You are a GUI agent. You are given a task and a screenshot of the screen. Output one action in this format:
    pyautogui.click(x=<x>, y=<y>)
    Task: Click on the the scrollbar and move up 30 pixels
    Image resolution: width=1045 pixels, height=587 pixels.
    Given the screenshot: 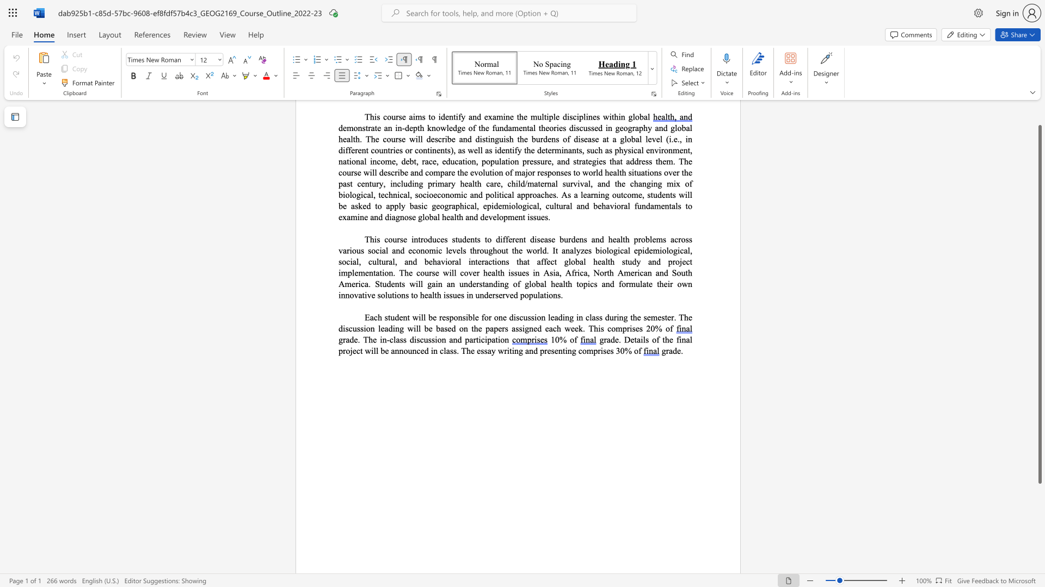 What is the action you would take?
    pyautogui.click(x=1039, y=304)
    